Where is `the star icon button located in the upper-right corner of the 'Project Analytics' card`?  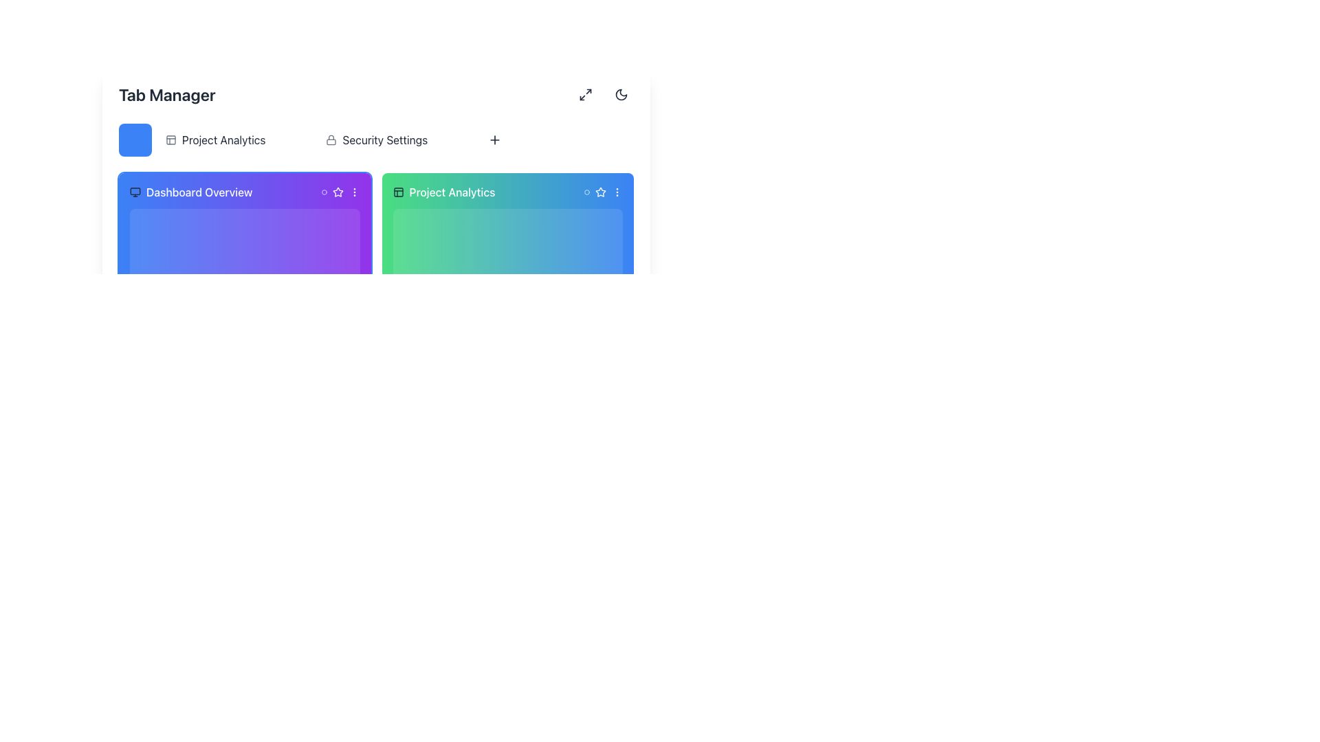
the star icon button located in the upper-right corner of the 'Project Analytics' card is located at coordinates (604, 192).